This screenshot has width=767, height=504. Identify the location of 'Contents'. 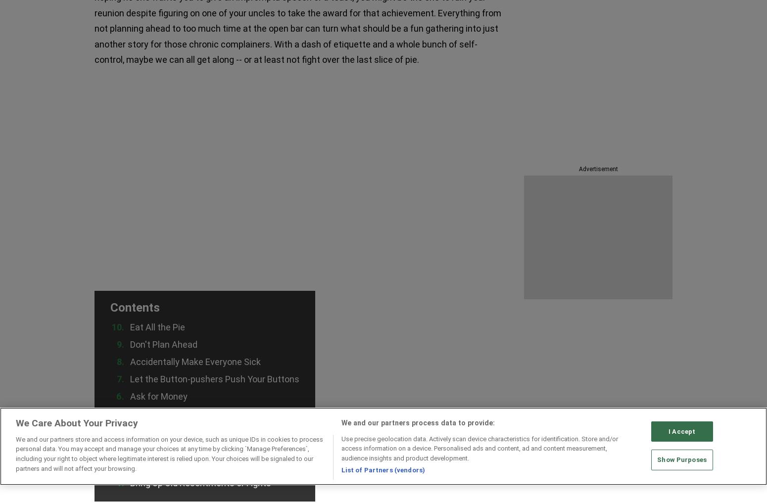
(110, 307).